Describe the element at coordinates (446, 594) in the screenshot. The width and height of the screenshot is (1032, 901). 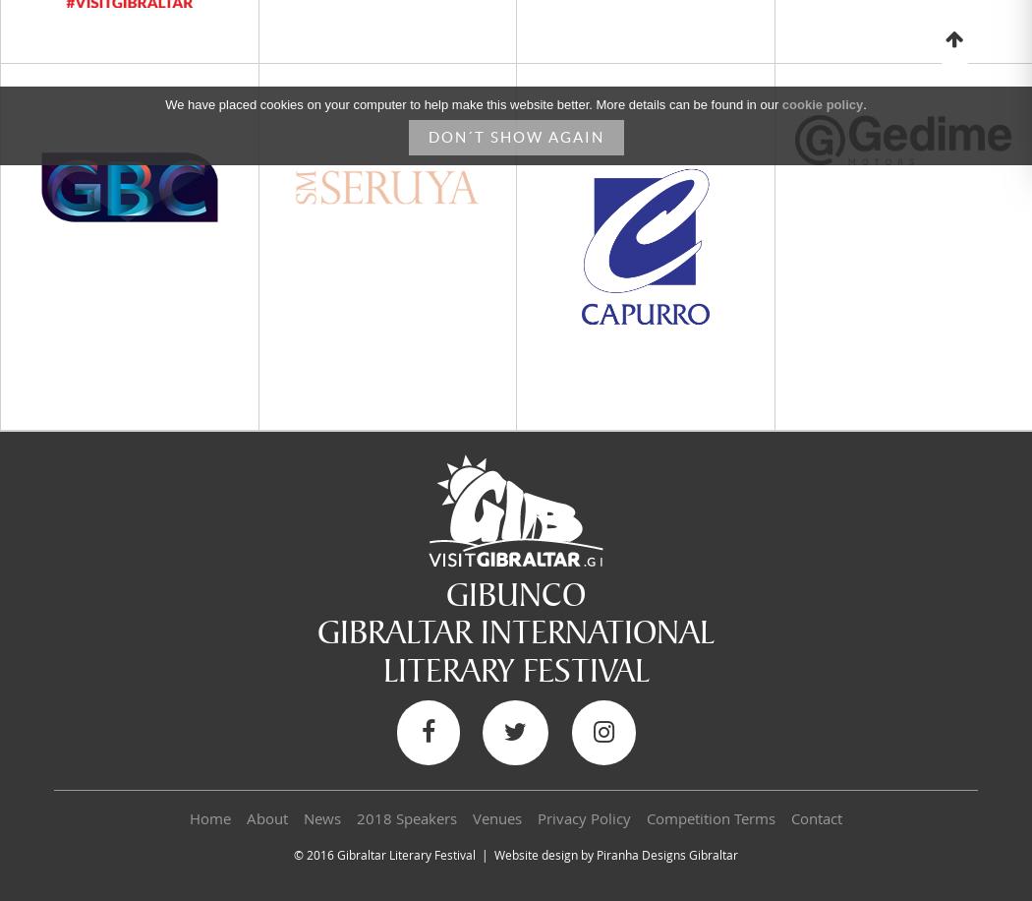
I see `'GIBUNCO'` at that location.